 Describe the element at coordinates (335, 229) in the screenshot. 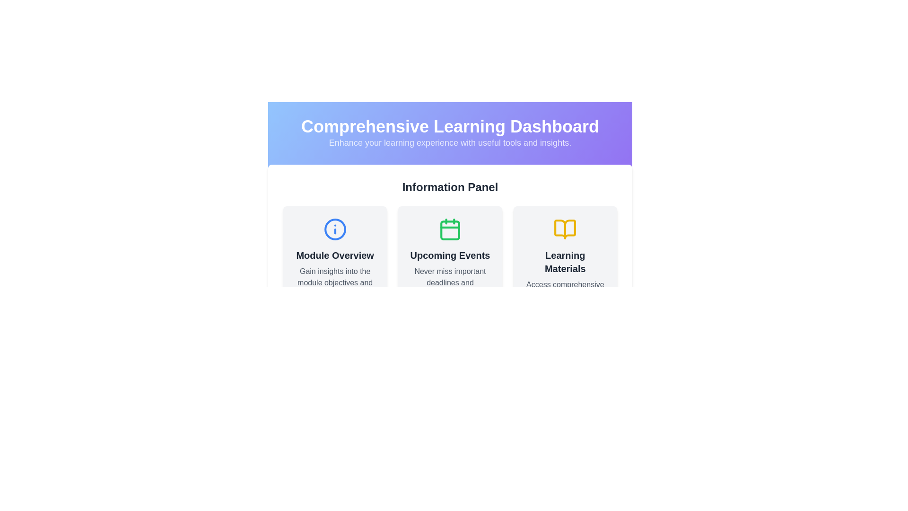

I see `the leftmost icon in the row of three icons located below the 'Information Panel' text header` at that location.